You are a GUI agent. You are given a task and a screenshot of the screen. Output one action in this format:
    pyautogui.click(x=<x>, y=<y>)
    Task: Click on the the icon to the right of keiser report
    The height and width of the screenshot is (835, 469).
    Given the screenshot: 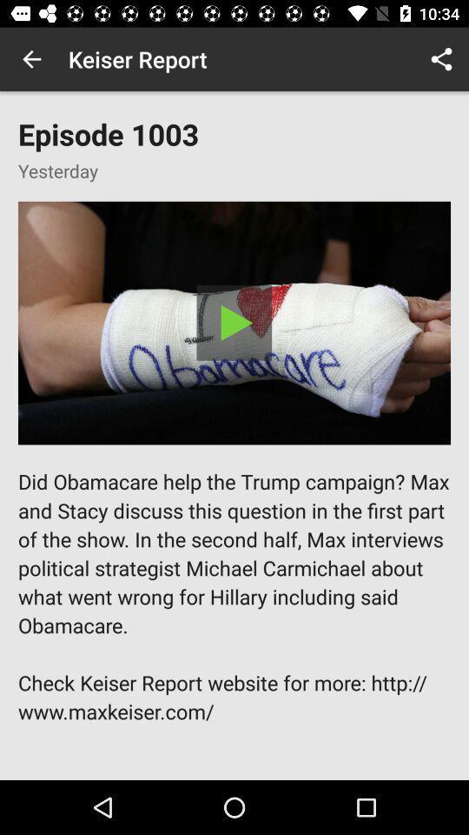 What is the action you would take?
    pyautogui.click(x=441, y=59)
    